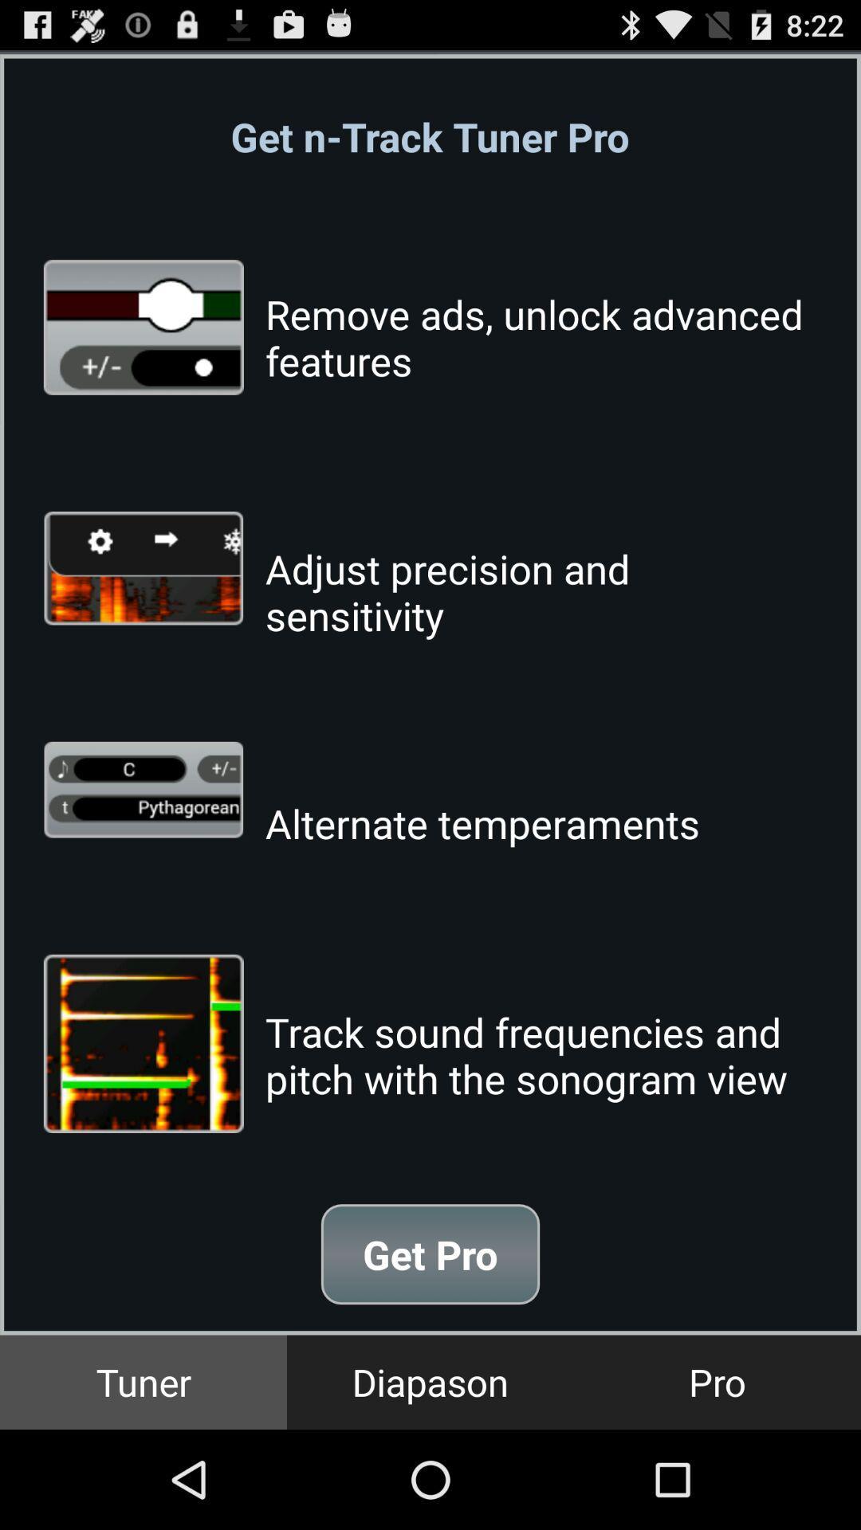 Image resolution: width=861 pixels, height=1530 pixels. What do you see at coordinates (431, 1381) in the screenshot?
I see `the icon to the right of the tuner icon` at bounding box center [431, 1381].